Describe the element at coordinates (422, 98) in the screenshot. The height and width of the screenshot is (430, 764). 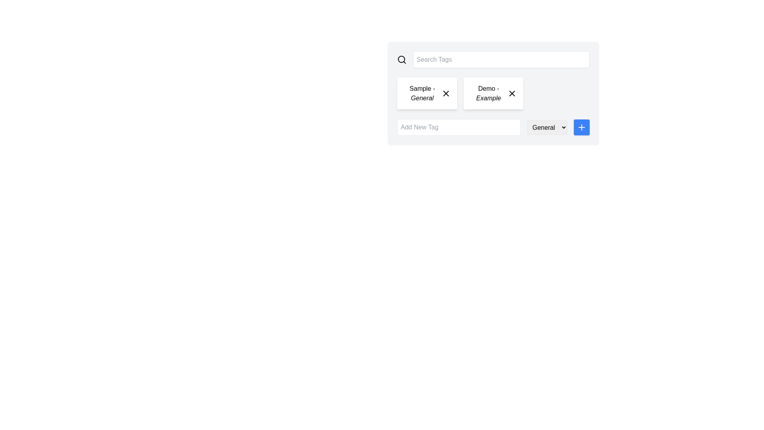
I see `the Text Label that provides additional context within the 'Sample - General' tag, located to the lower-left of the text 'Sample'` at that location.